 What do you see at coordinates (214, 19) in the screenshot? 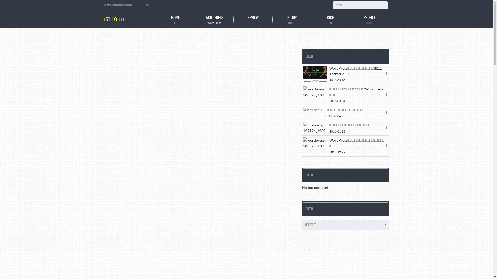
I see `'WordPress` at bounding box center [214, 19].